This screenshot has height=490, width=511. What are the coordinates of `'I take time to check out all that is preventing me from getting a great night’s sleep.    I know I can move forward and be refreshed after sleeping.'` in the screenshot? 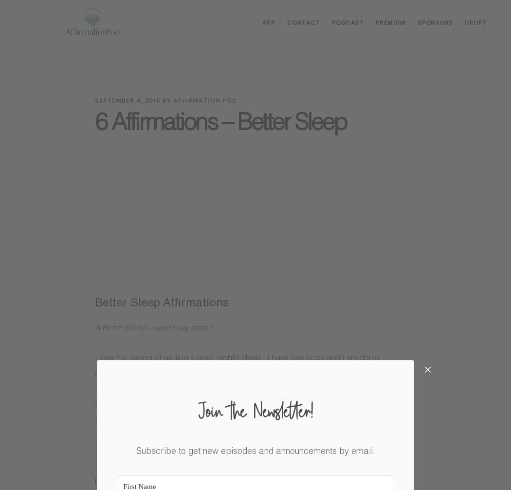 It's located at (253, 412).